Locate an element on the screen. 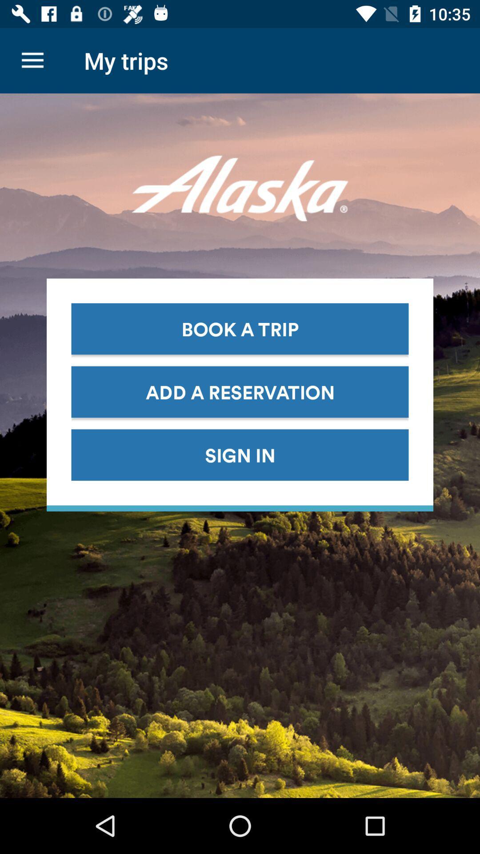  book a trip icon is located at coordinates (240, 328).